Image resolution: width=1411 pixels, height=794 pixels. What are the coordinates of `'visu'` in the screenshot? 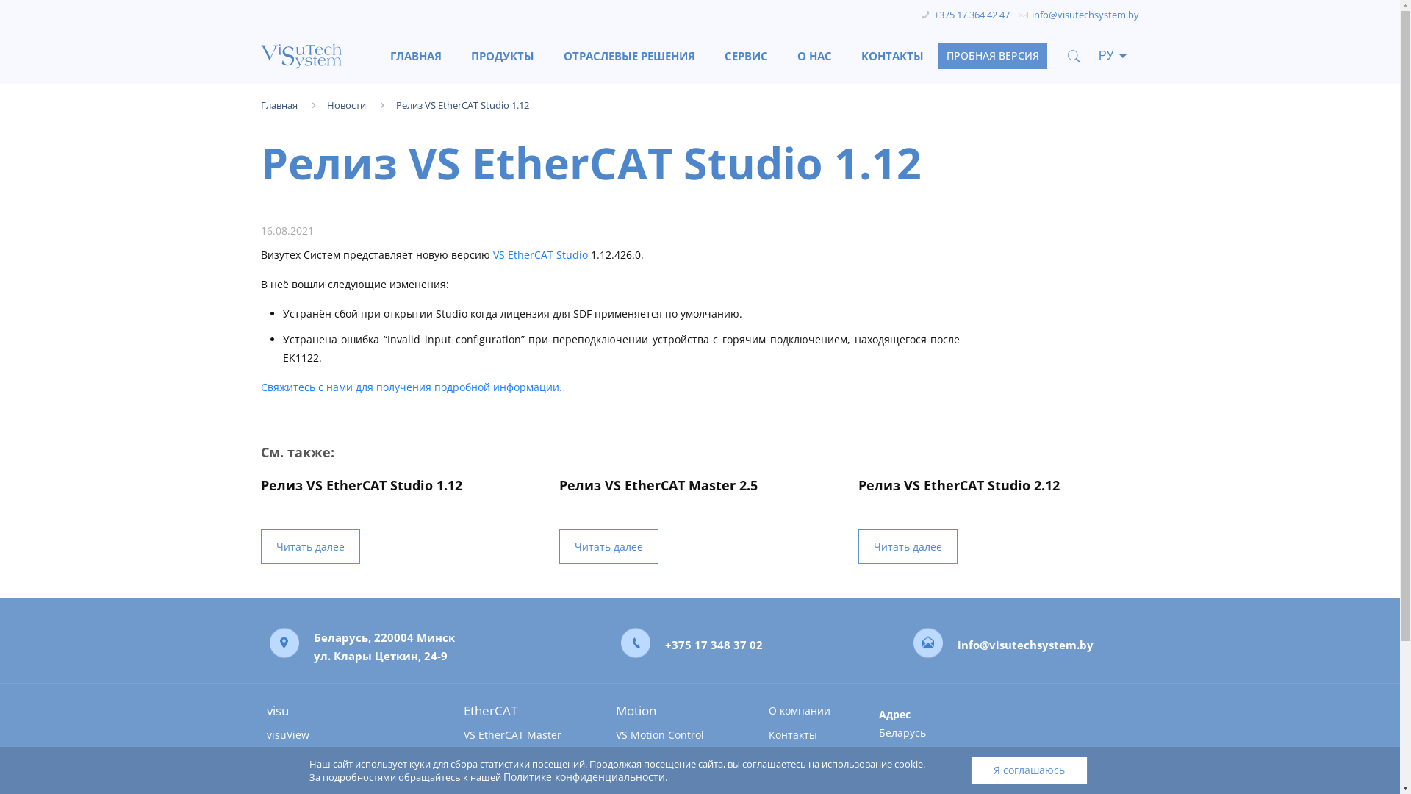 It's located at (348, 709).